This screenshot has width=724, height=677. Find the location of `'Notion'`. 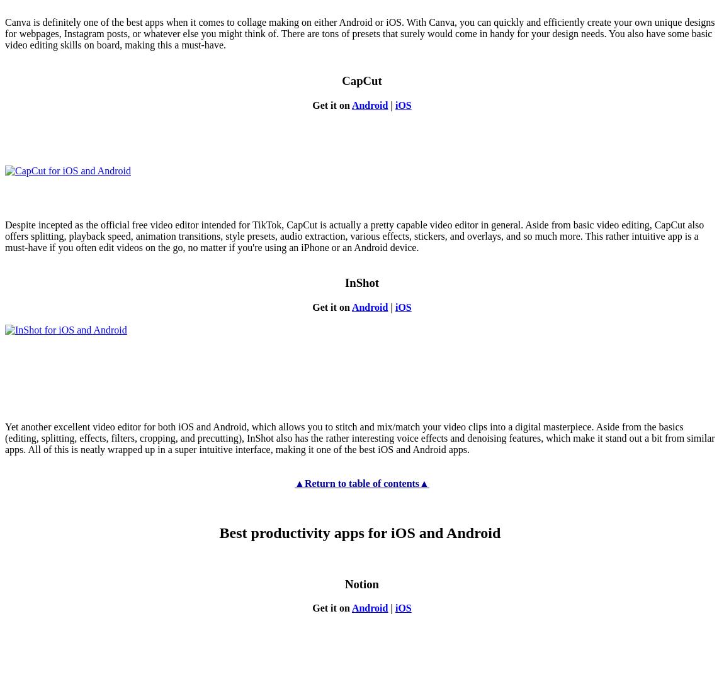

'Notion' is located at coordinates (361, 583).